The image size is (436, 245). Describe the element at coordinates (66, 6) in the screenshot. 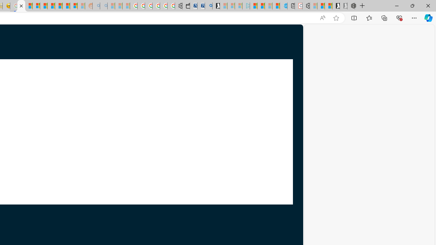

I see `'Kinda Frugal - MSN'` at that location.